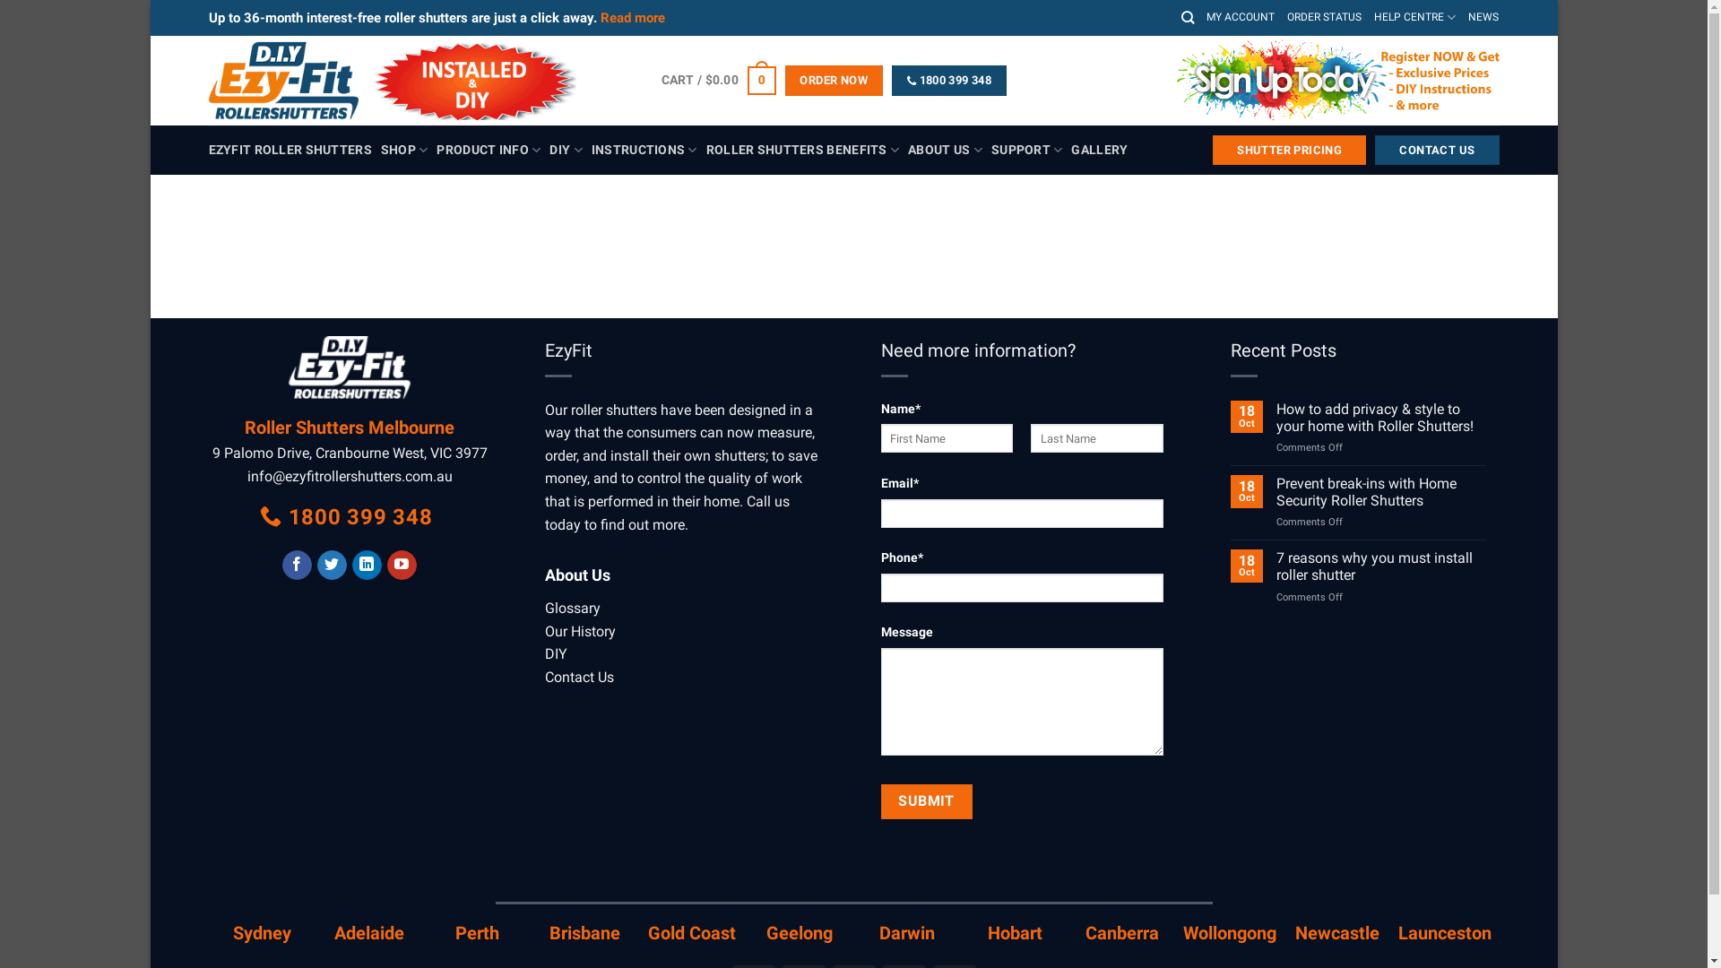 The image size is (1721, 968). What do you see at coordinates (477, 932) in the screenshot?
I see `'Perth'` at bounding box center [477, 932].